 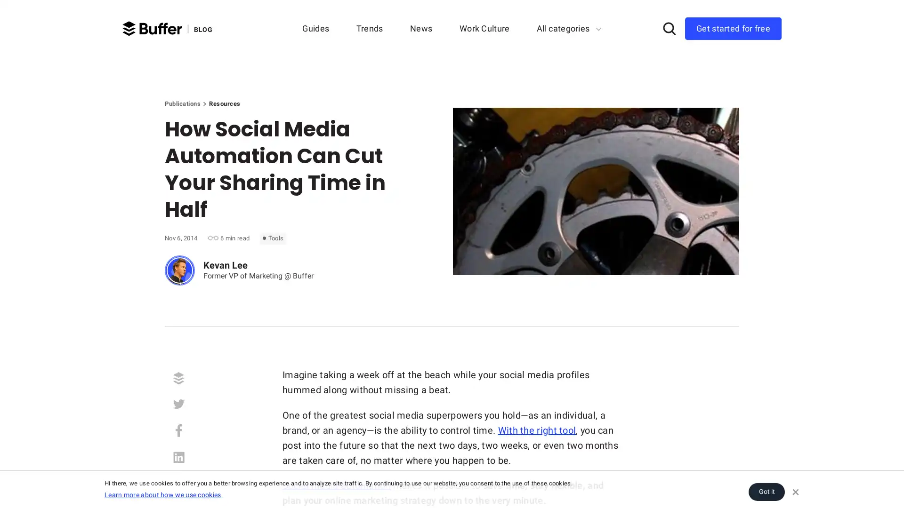 I want to click on Get started for free, so click(x=733, y=28).